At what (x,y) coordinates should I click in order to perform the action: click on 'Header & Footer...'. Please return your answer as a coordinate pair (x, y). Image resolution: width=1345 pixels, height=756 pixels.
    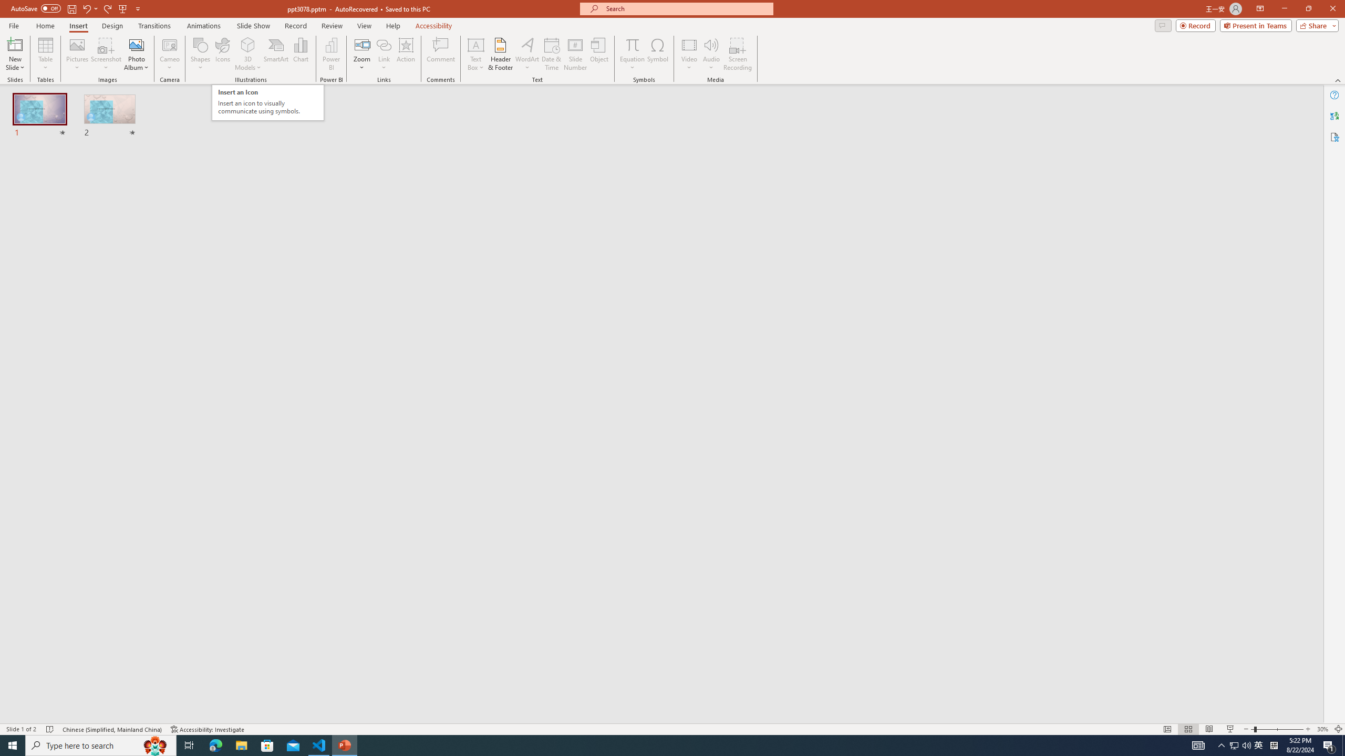
    Looking at the image, I should click on (500, 54).